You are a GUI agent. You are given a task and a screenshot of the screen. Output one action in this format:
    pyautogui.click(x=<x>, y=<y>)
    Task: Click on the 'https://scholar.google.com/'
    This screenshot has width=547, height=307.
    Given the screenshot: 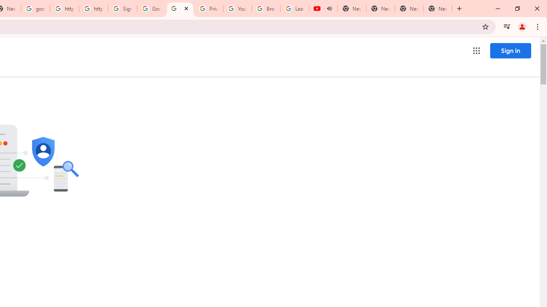 What is the action you would take?
    pyautogui.click(x=64, y=9)
    